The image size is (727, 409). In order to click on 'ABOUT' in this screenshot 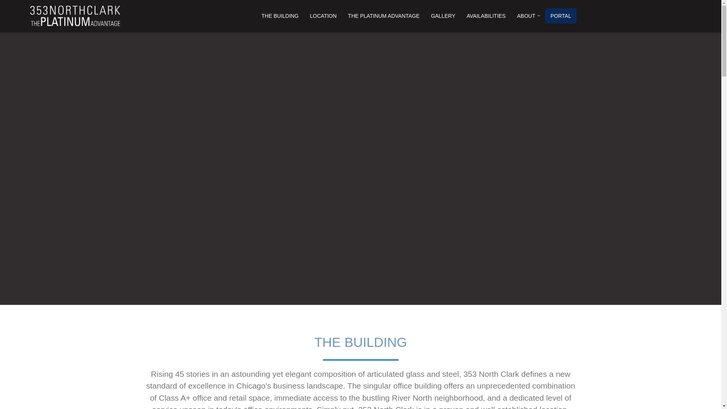, I will do `click(525, 16)`.